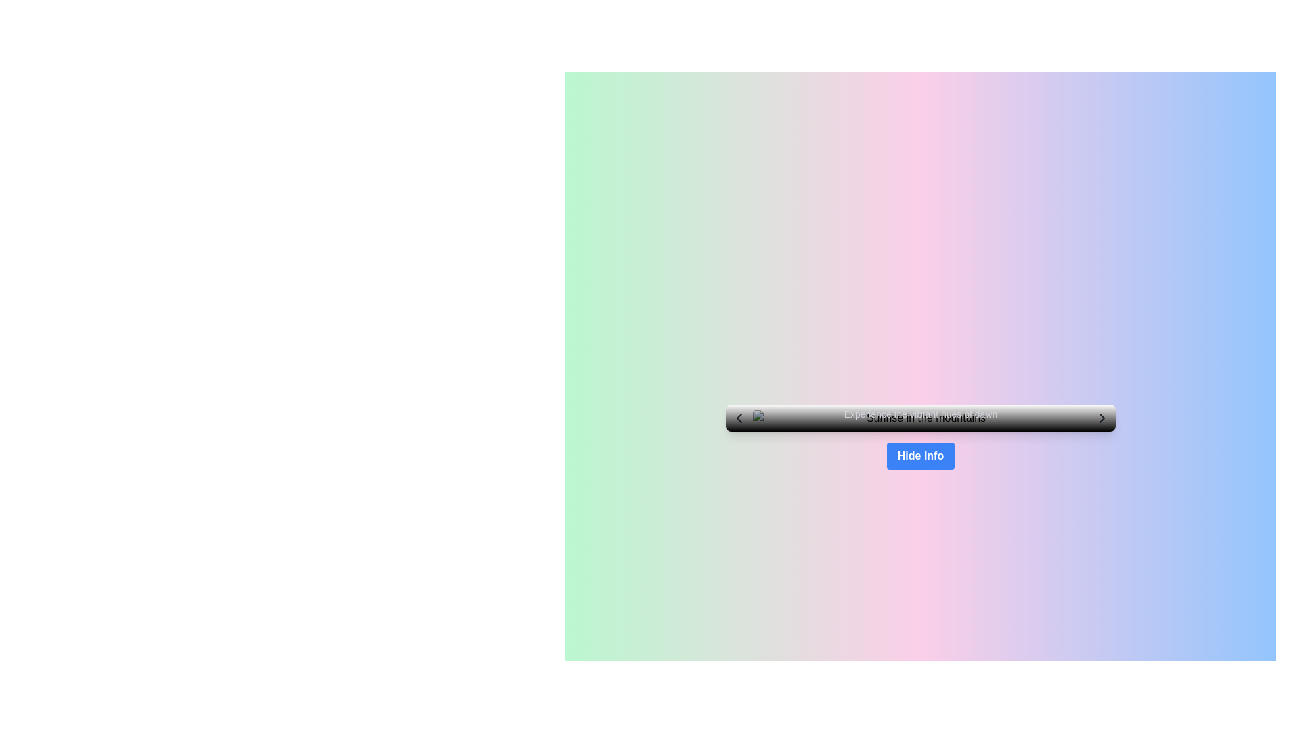 The image size is (1300, 731). What do you see at coordinates (1102, 417) in the screenshot?
I see `the right-pointing chevron icon button on the dark glossy background` at bounding box center [1102, 417].